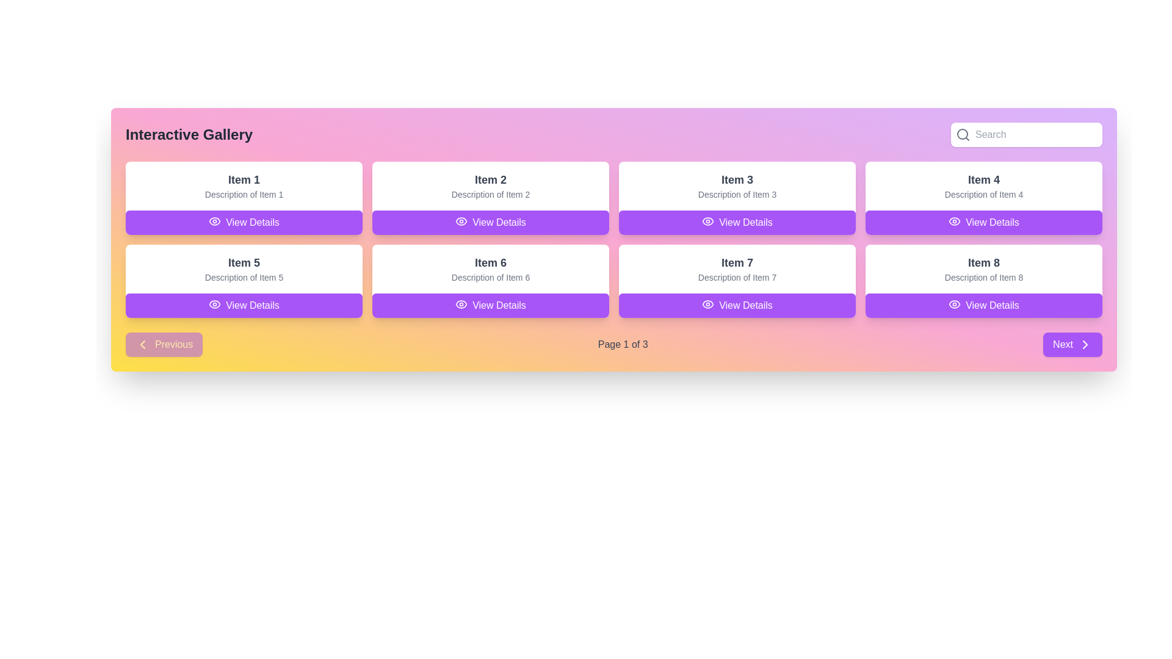  Describe the element at coordinates (244, 305) in the screenshot. I see `the button for 'Item 5' located in the second row, first column of the grid` at that location.